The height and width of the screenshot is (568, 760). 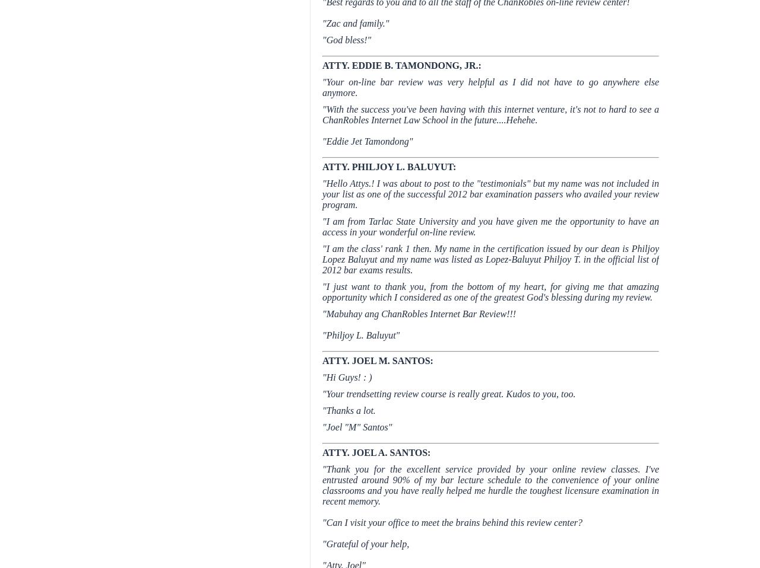 What do you see at coordinates (355, 23) in the screenshot?
I see `'"Zac and family."'` at bounding box center [355, 23].